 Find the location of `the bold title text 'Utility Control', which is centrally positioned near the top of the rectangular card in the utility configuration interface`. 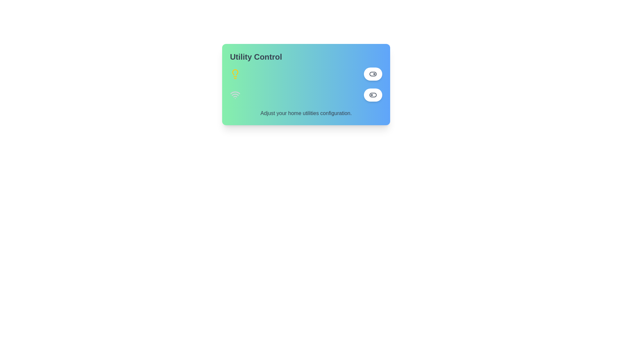

the bold title text 'Utility Control', which is centrally positioned near the top of the rectangular card in the utility configuration interface is located at coordinates (256, 56).